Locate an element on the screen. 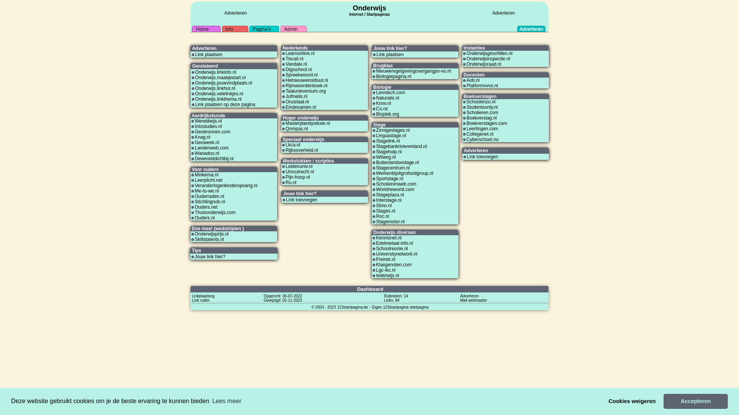 The width and height of the screenshot is (739, 415). 'Wilweg.nl' is located at coordinates (386, 156).